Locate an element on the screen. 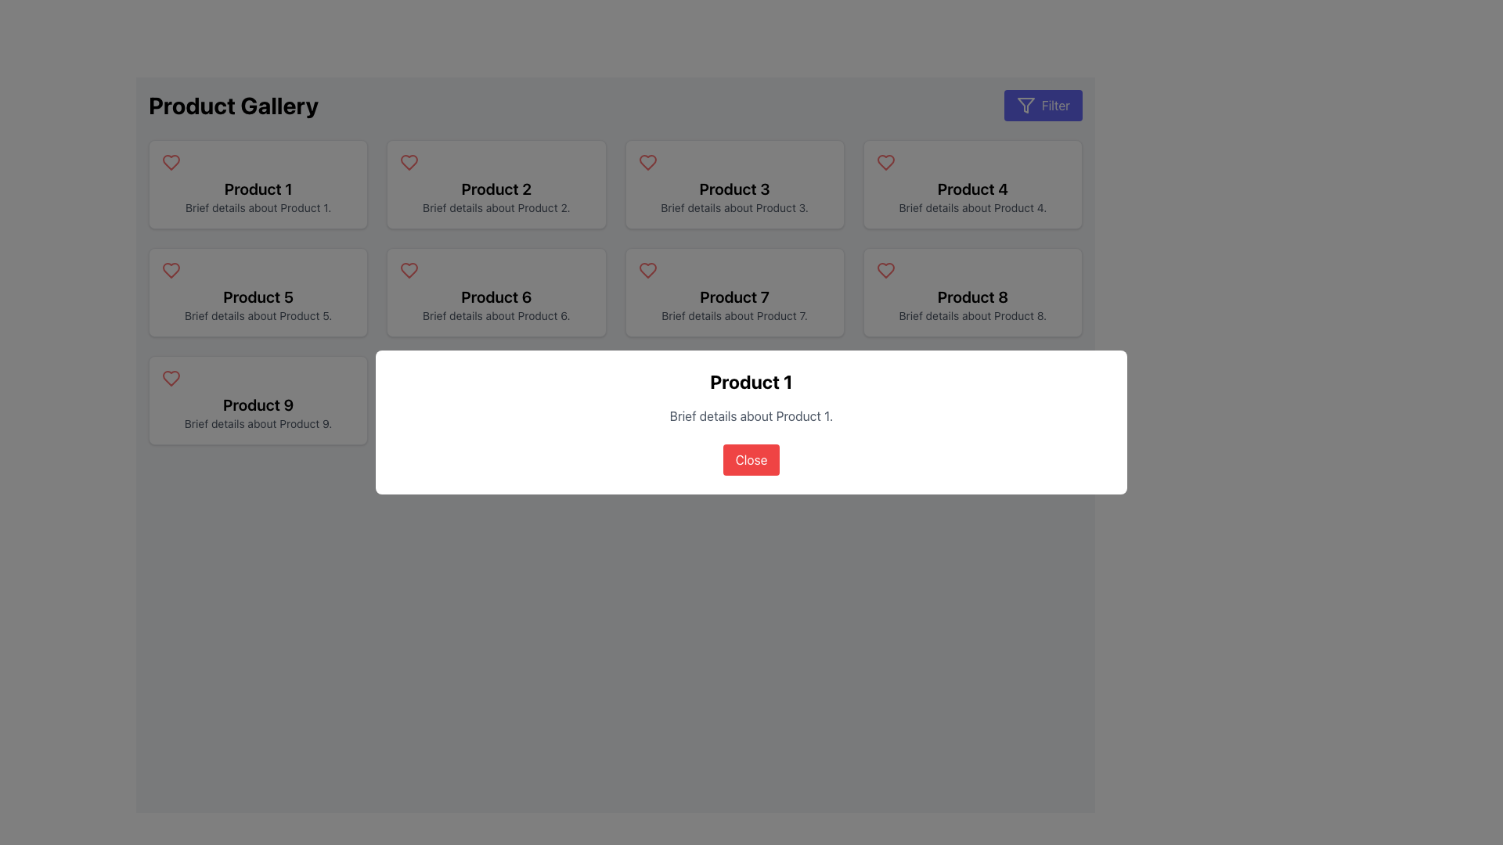 The image size is (1503, 845). the 'Product 2' text label, which is styled with a bold font and larger size, located in the middle-top area of the interface, in the second position of the first row in a grid layout of product cards is located at coordinates (496, 189).